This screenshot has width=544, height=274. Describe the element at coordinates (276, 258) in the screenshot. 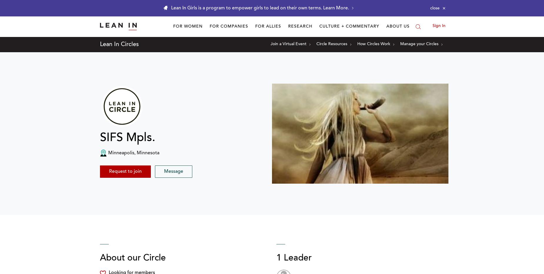

I see `'1 Leader'` at that location.